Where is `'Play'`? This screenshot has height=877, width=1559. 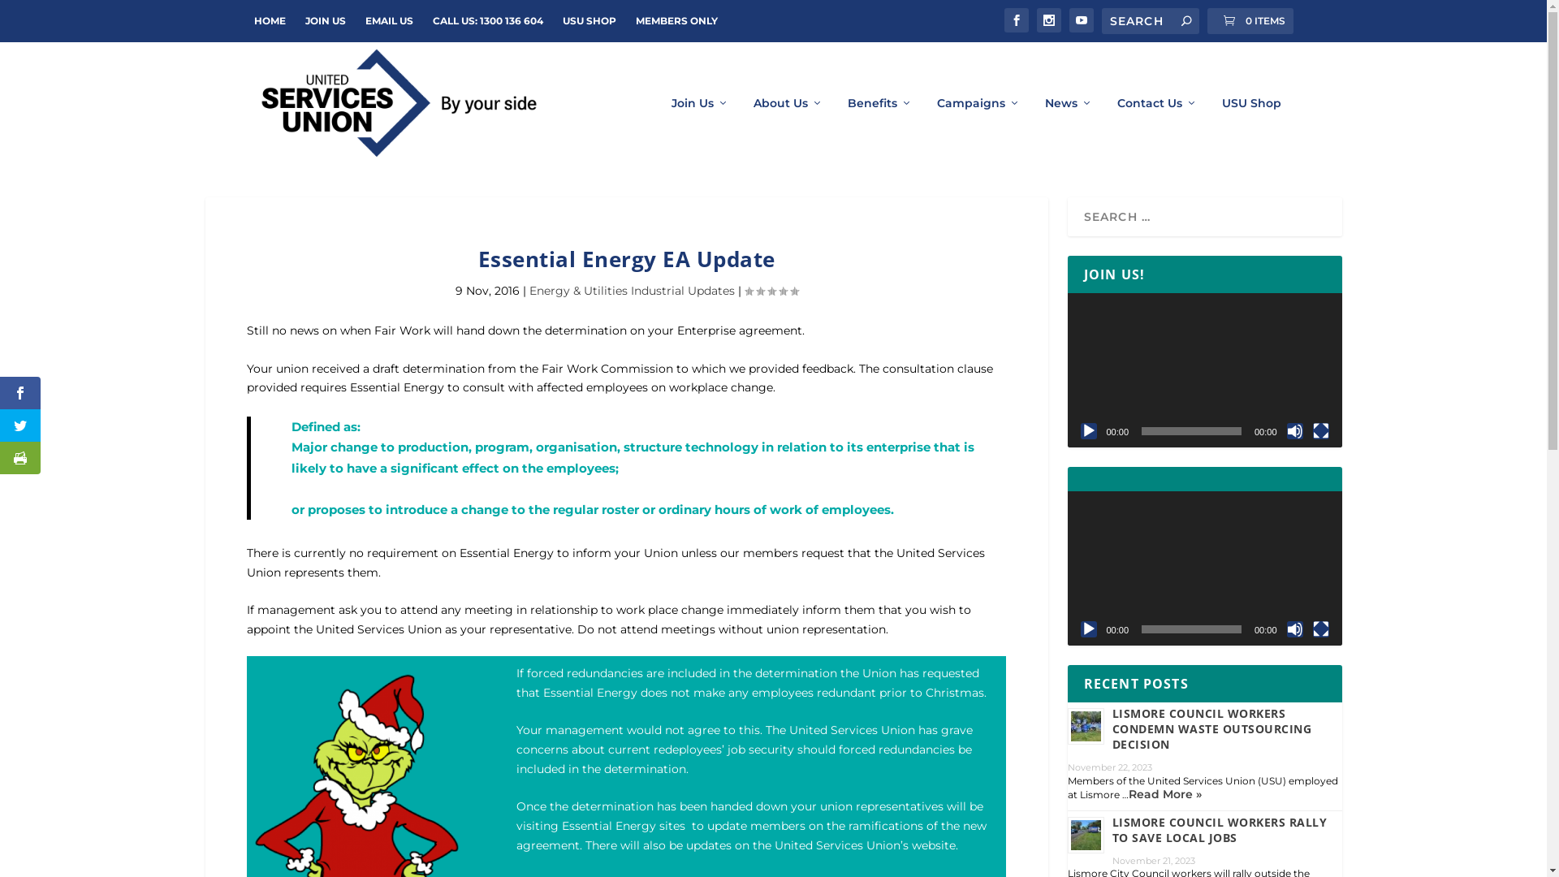
'Play' is located at coordinates (1087, 430).